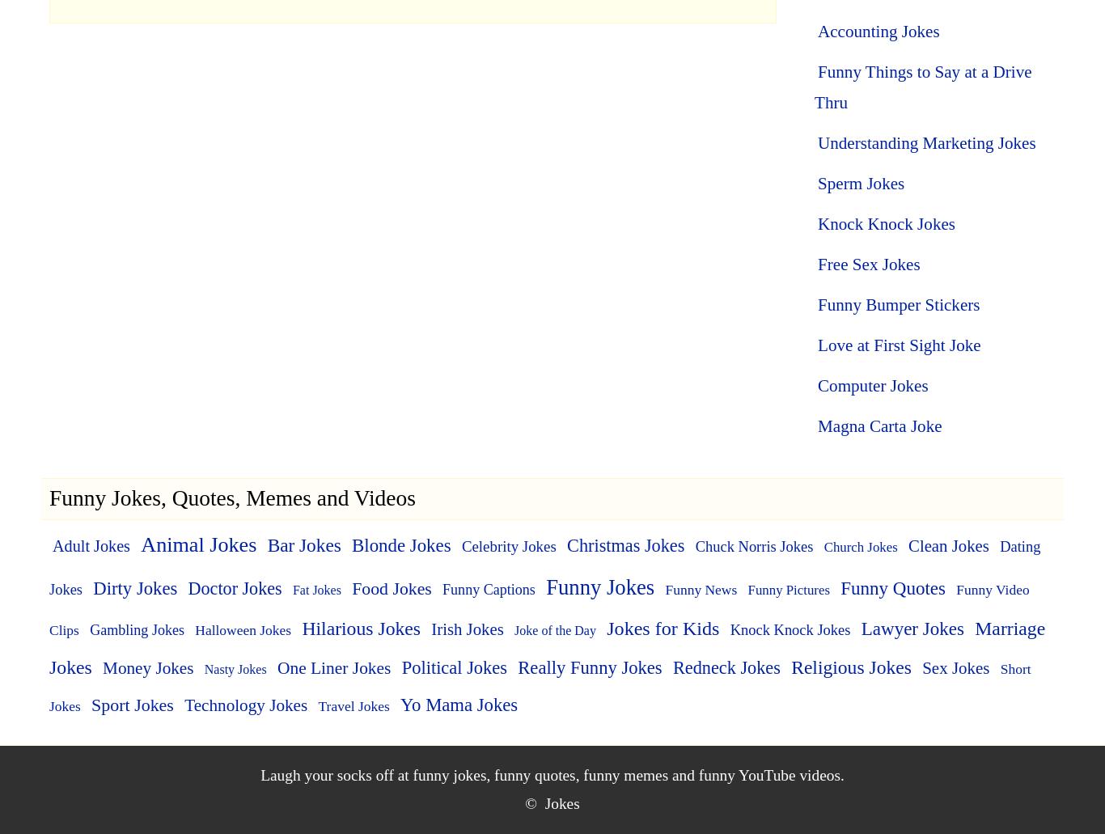 This screenshot has width=1105, height=834. Describe the element at coordinates (235, 668) in the screenshot. I see `'Nasty Jokes'` at that location.